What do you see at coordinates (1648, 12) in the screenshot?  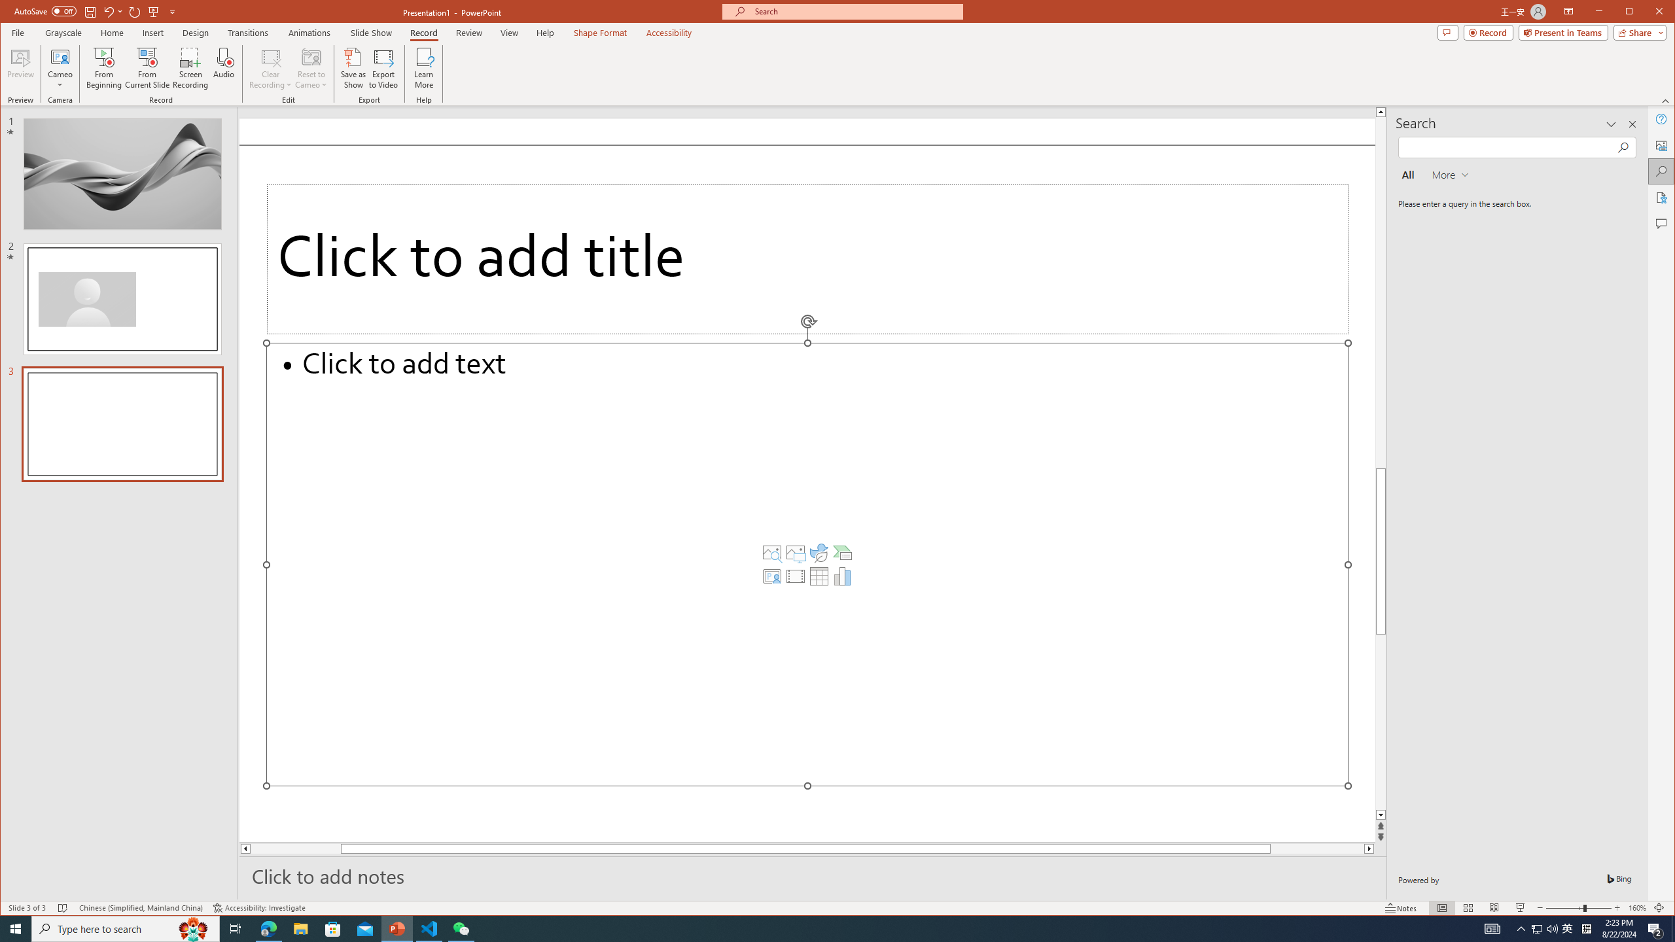 I see `'Maximize'` at bounding box center [1648, 12].